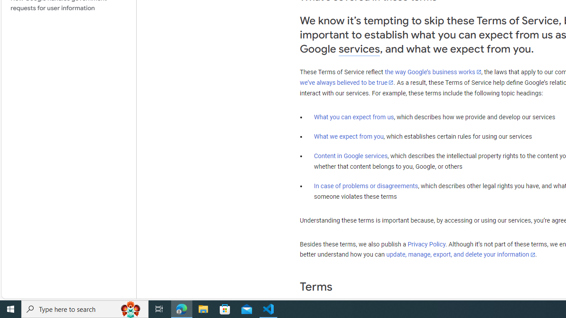  I want to click on 'In case of problems or disagreements', so click(366, 185).